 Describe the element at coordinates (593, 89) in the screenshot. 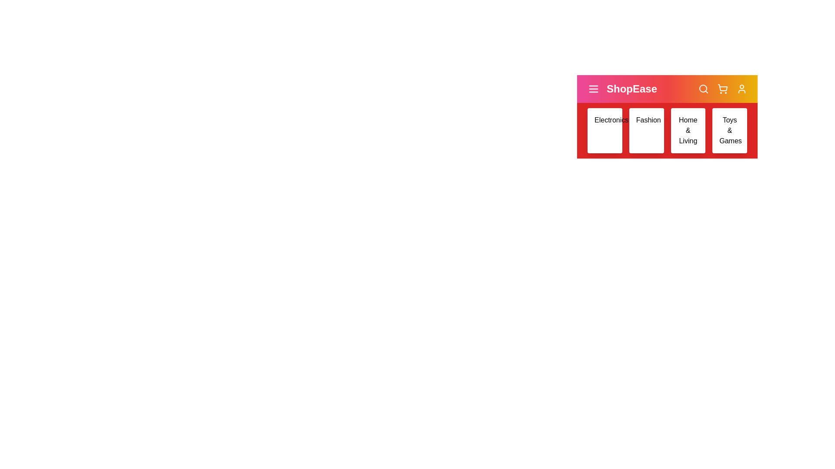

I see `the menu icon to toggle the menu visibility` at that location.